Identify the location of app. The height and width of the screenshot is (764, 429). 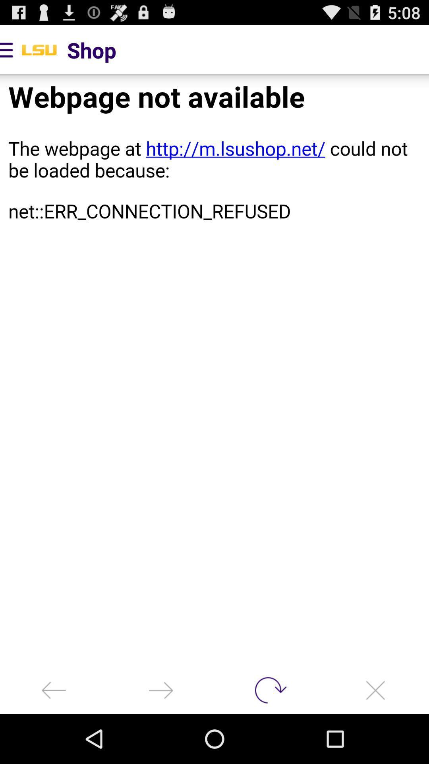
(375, 690).